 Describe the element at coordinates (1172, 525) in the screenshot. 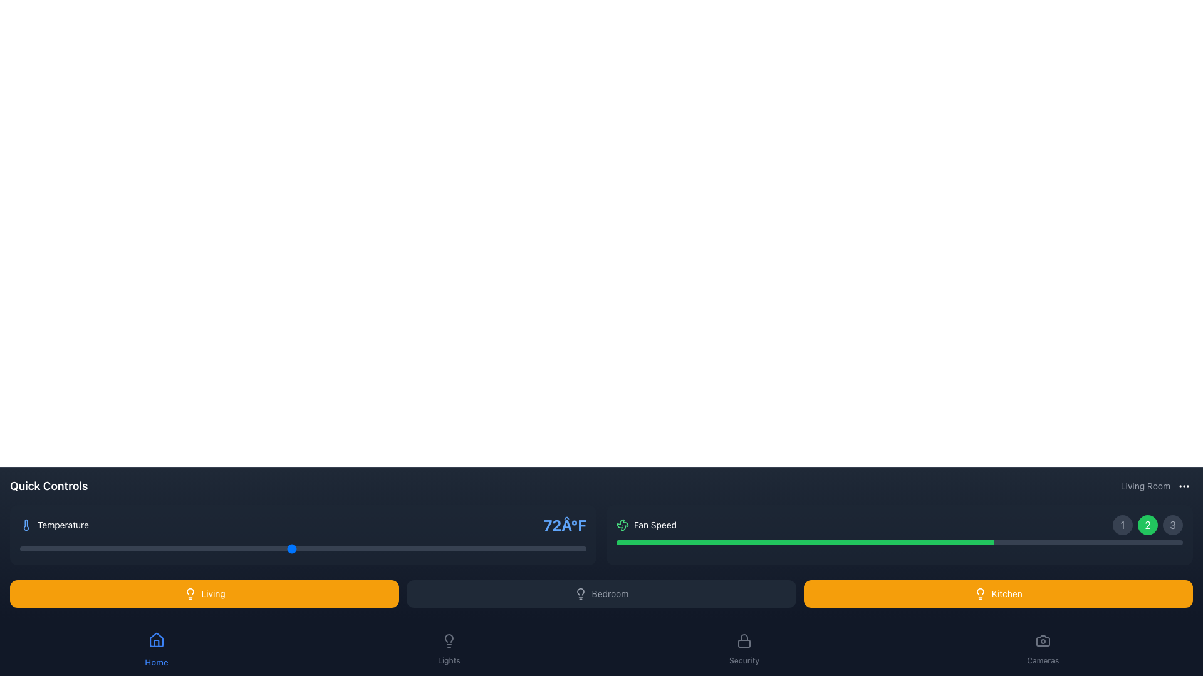

I see `the circular button with a dark gray background and the number '3' displayed in lighter gray` at that location.